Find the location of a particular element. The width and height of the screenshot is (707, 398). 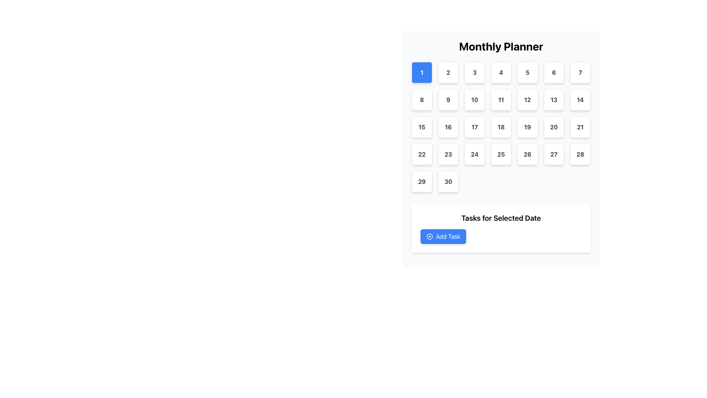

the calendar grid cell displaying the number '20' is located at coordinates (554, 126).